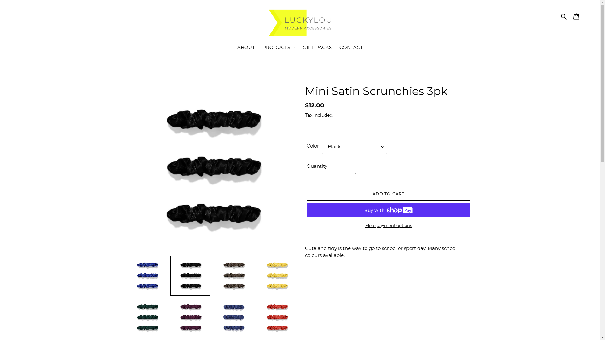 The image size is (605, 340). What do you see at coordinates (576, 16) in the screenshot?
I see `'Cart'` at bounding box center [576, 16].